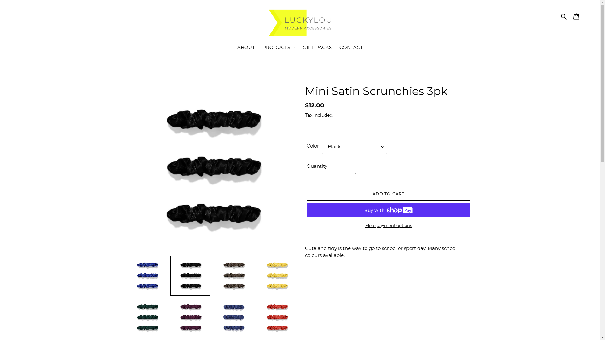 The image size is (605, 340). What do you see at coordinates (576, 16) in the screenshot?
I see `'Cart'` at bounding box center [576, 16].